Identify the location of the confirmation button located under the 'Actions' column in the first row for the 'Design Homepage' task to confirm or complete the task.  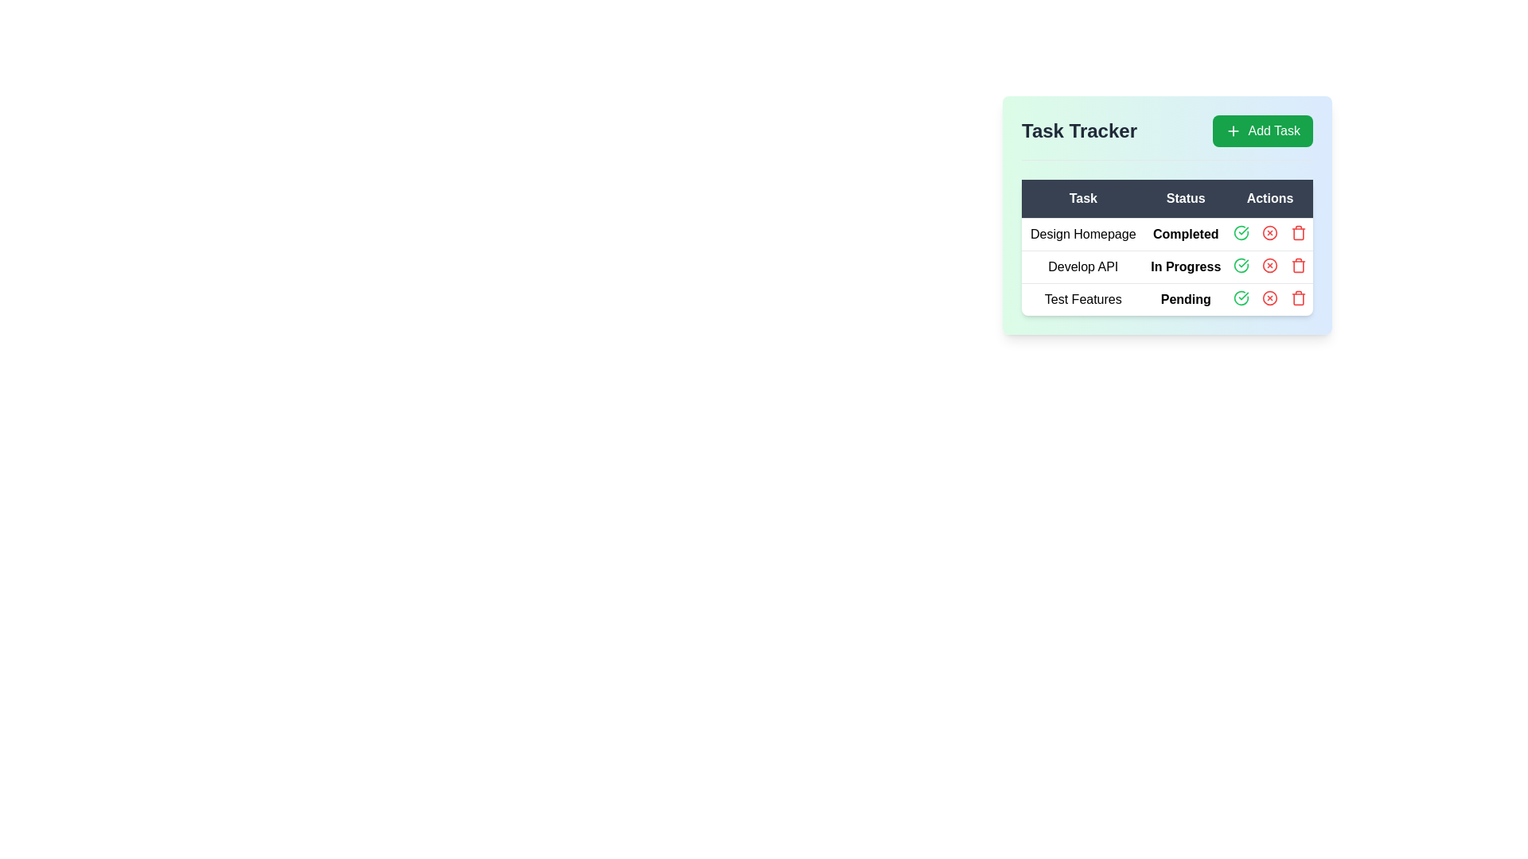
(1241, 233).